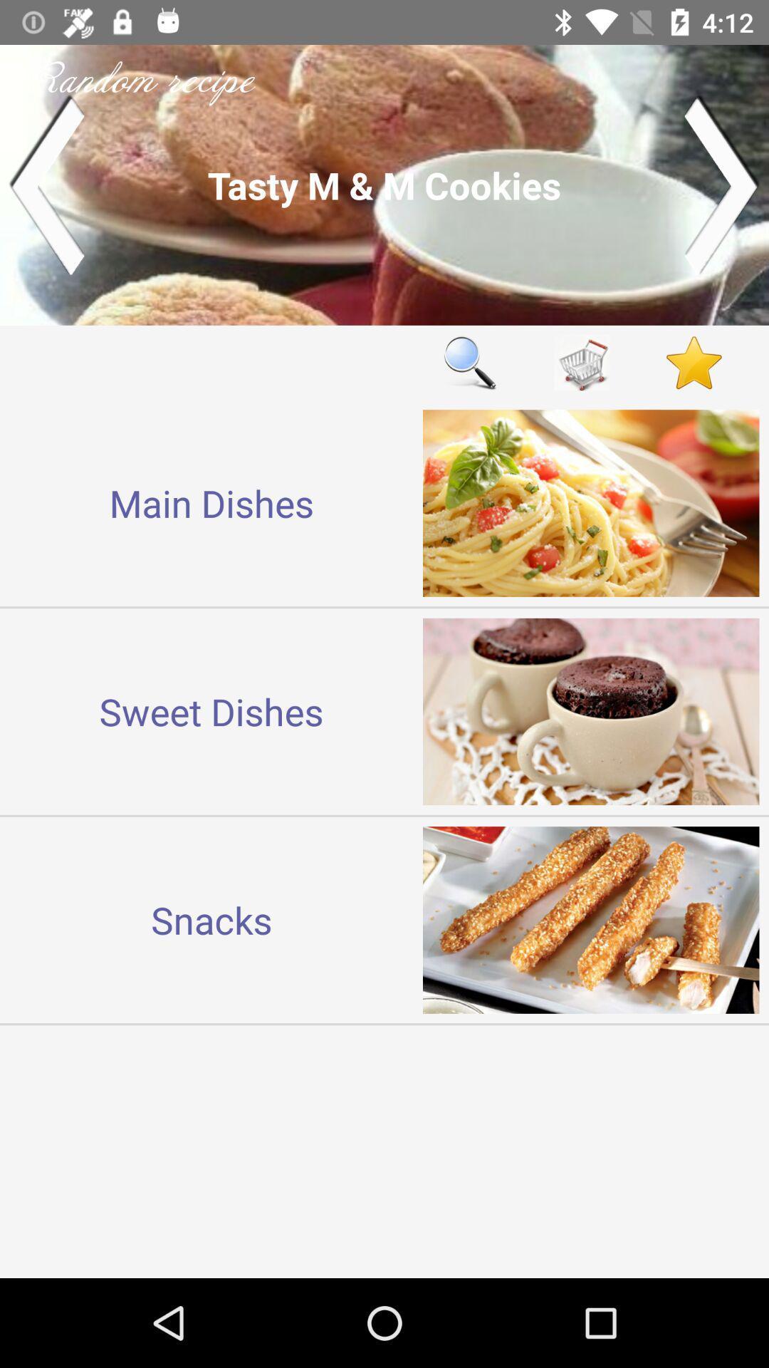 This screenshot has height=1368, width=769. Describe the element at coordinates (469, 363) in the screenshot. I see `the search icon` at that location.